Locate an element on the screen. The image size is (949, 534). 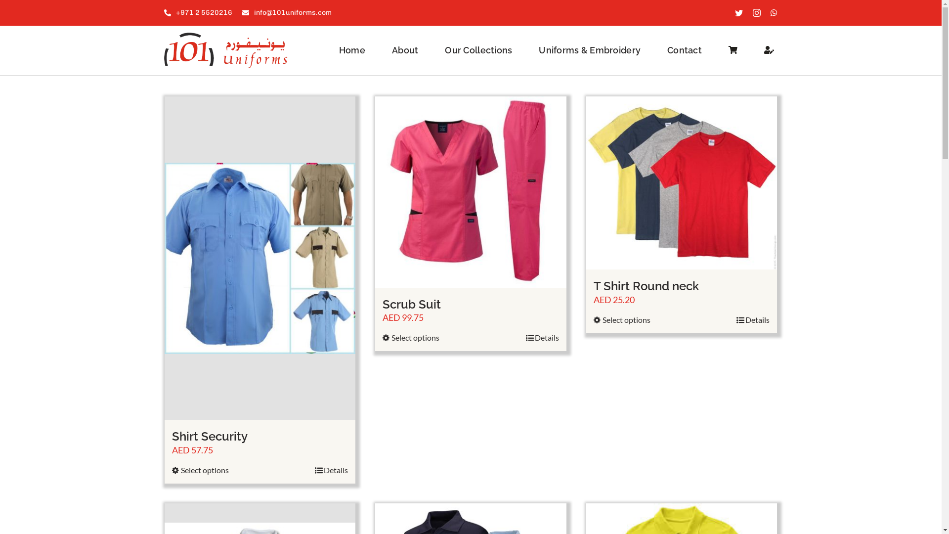
'Contact' is located at coordinates (684, 50).